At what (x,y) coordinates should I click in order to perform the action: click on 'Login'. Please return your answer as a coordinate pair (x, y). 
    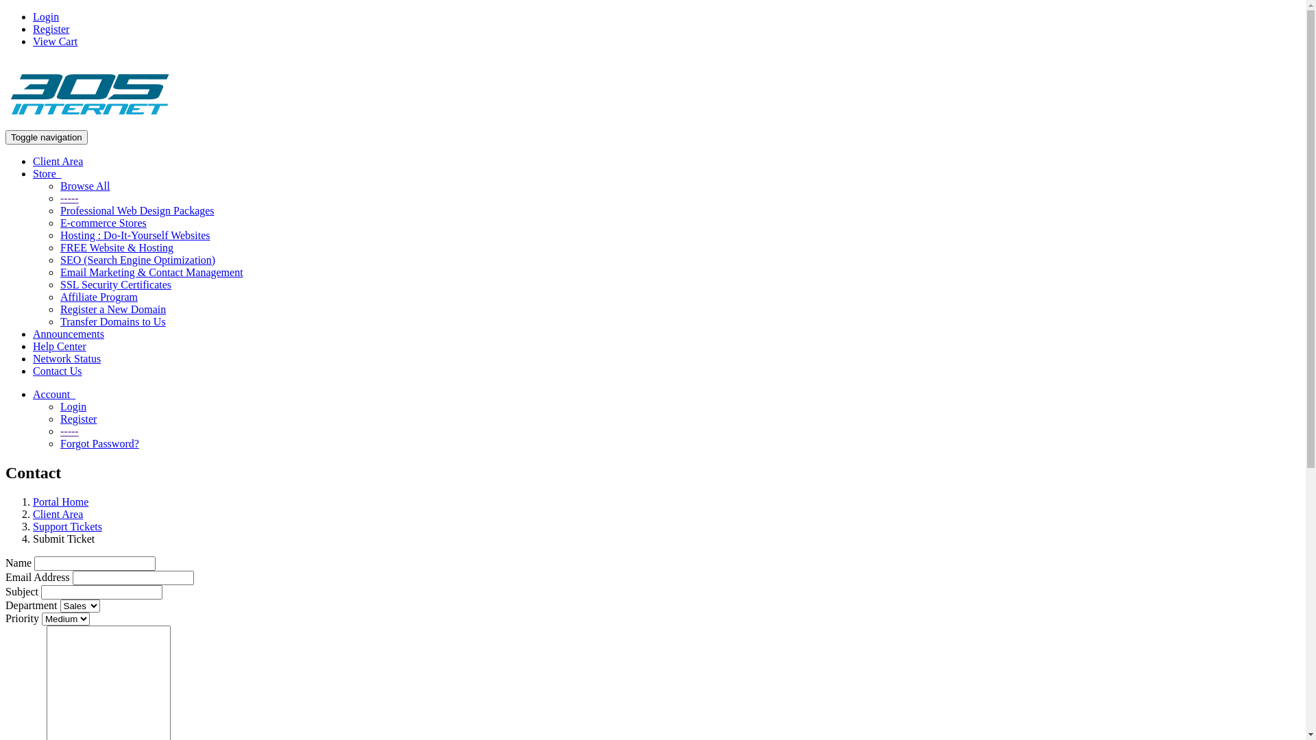
    Looking at the image, I should click on (33, 16).